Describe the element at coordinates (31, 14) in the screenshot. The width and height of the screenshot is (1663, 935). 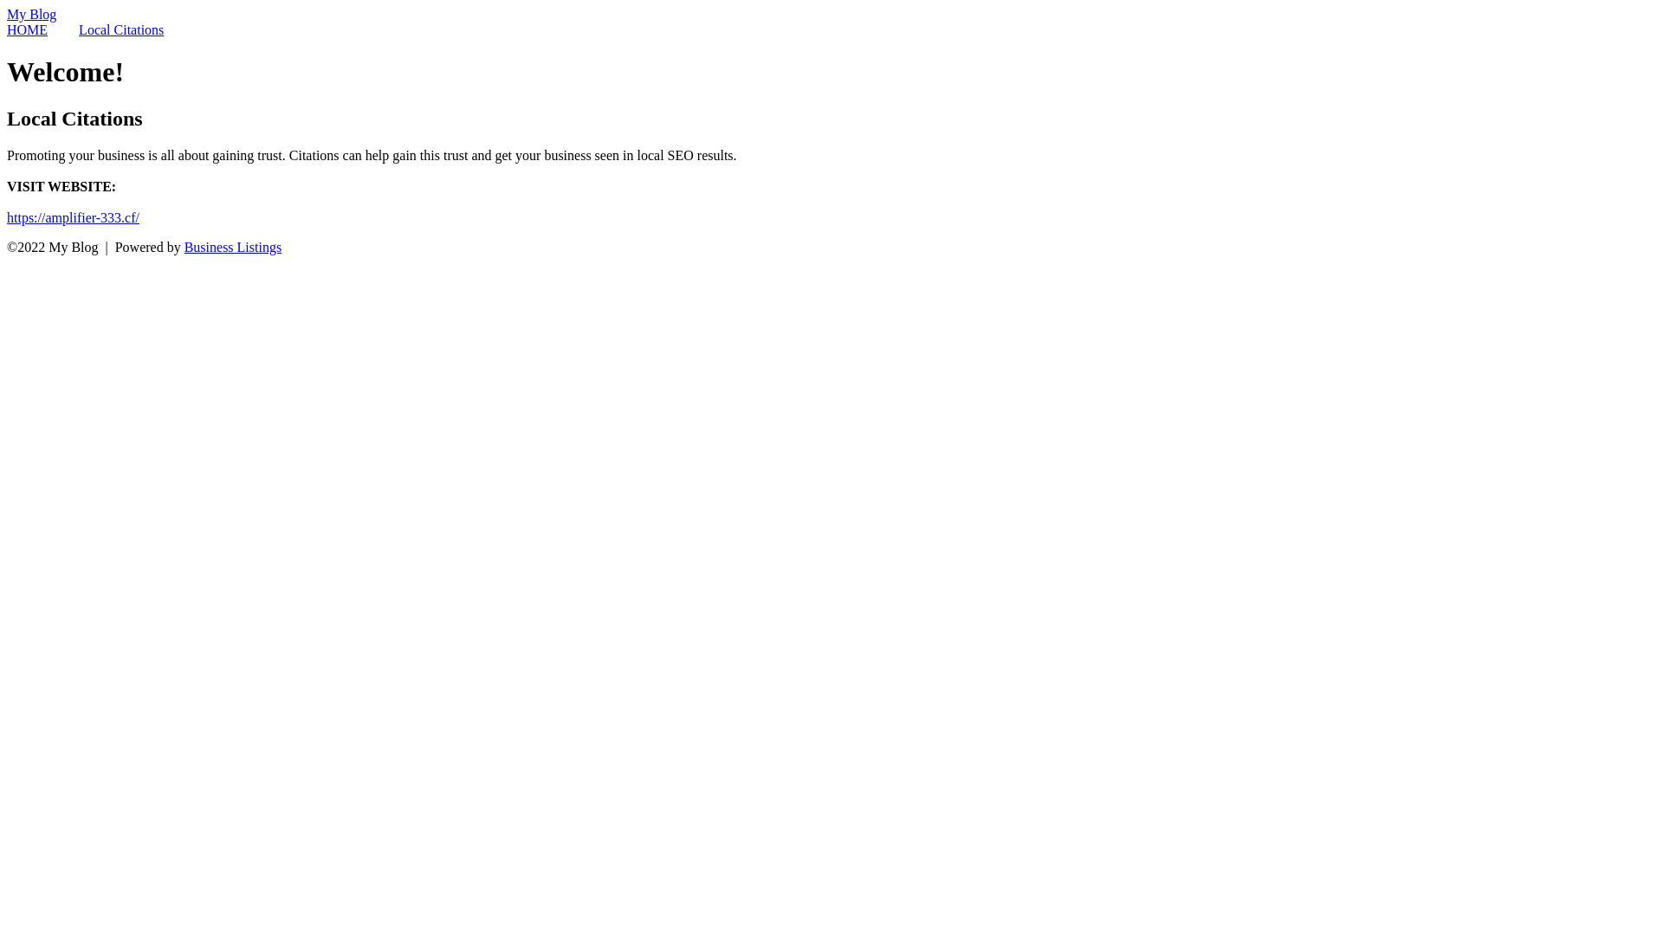
I see `'My Blog'` at that location.